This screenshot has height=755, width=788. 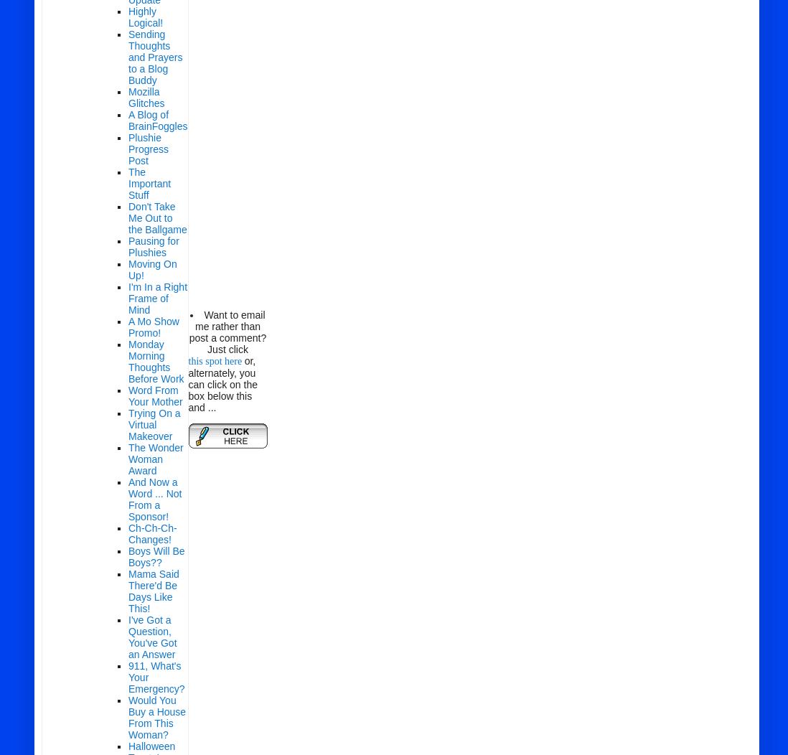 What do you see at coordinates (153, 246) in the screenshot?
I see `'Pausing for Plushies'` at bounding box center [153, 246].